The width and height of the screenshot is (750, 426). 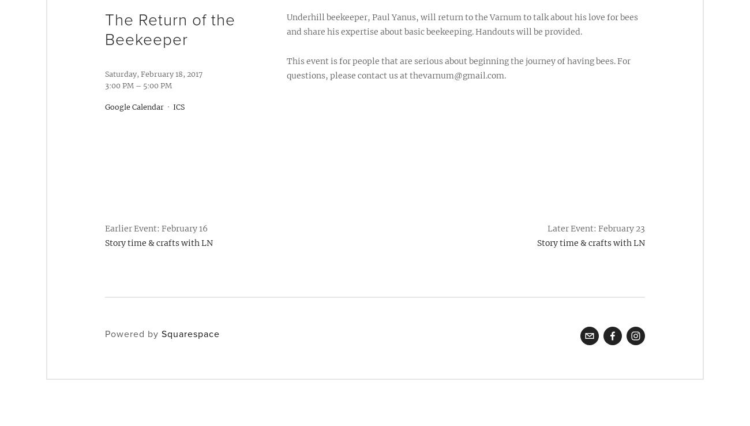 I want to click on 'Powered by', so click(x=133, y=334).